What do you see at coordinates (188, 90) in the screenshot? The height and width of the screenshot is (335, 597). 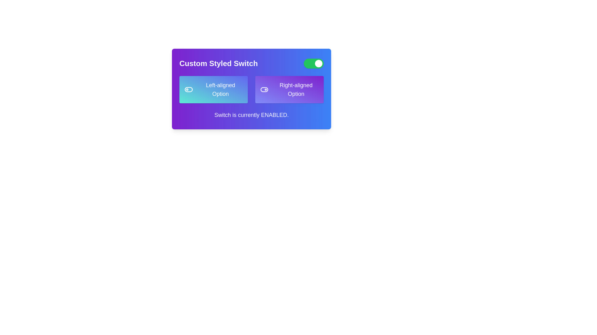 I see `the light blue rounded rectangular decorative background of the toggle switch option located on the left side of the custom styled switch interface` at bounding box center [188, 90].